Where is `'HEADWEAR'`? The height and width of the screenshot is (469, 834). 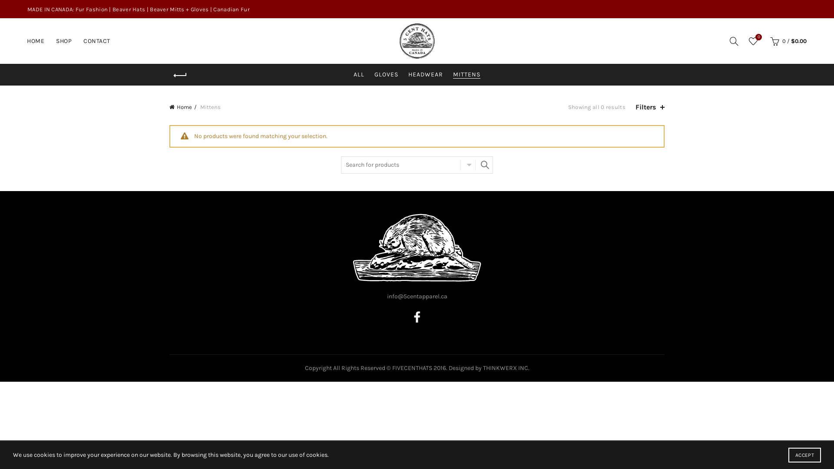 'HEADWEAR' is located at coordinates (425, 74).